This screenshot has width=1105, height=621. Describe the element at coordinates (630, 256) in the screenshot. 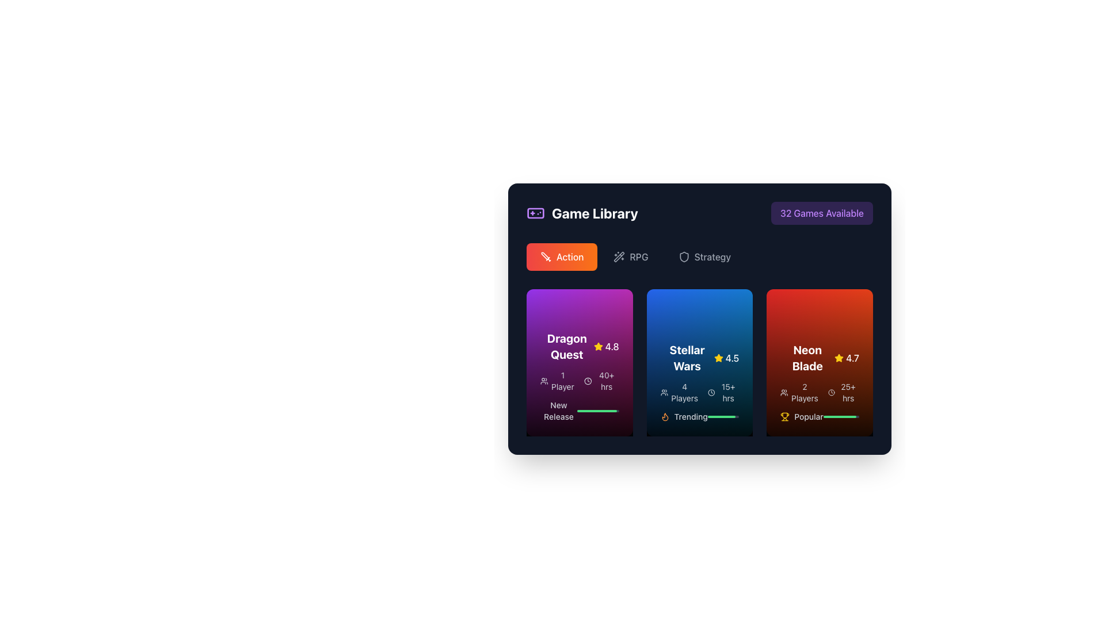

I see `the 'RPG' button located in the header menu of the 'Game Library', which is the second button in a set of three` at that location.